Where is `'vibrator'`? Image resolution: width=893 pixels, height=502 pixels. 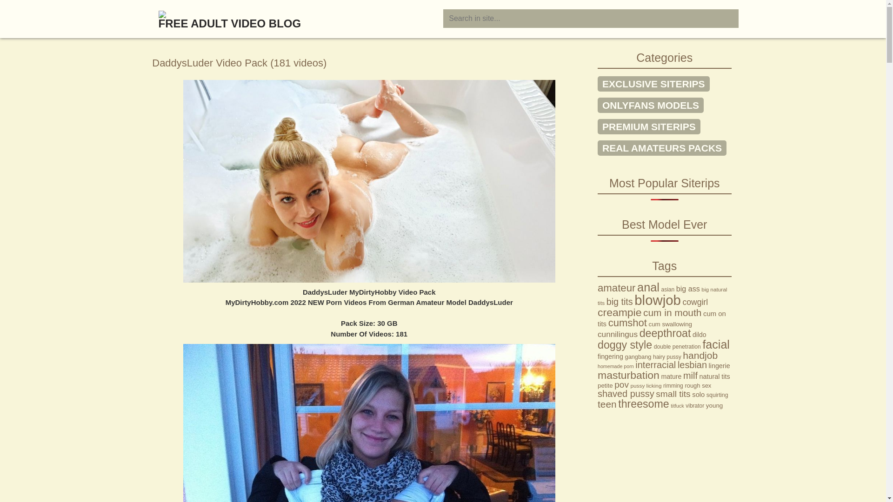
'vibrator' is located at coordinates (685, 405).